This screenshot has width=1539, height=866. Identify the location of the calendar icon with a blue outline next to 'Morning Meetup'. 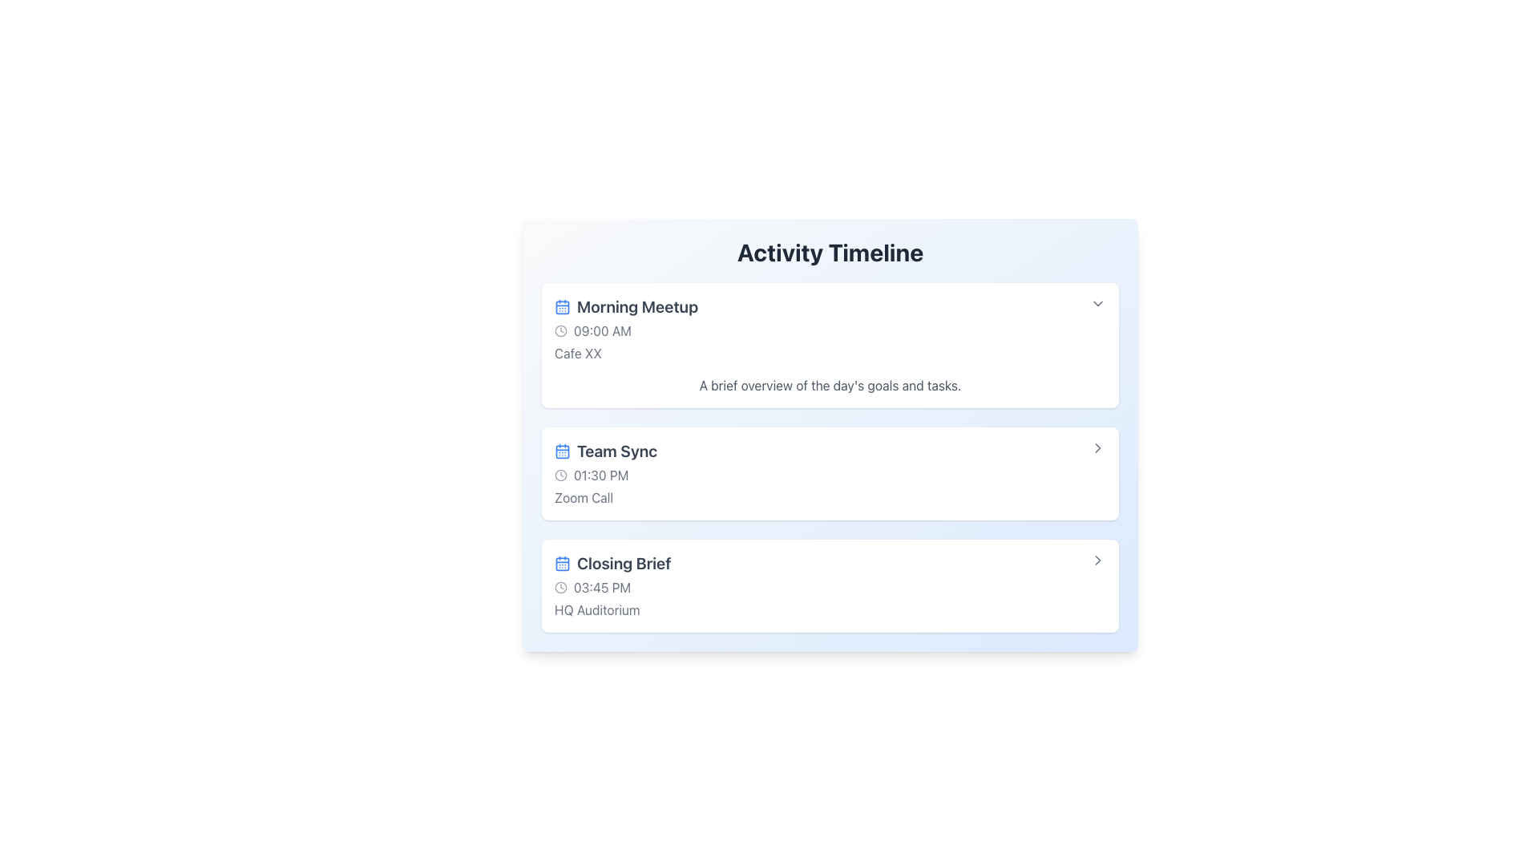
(562, 306).